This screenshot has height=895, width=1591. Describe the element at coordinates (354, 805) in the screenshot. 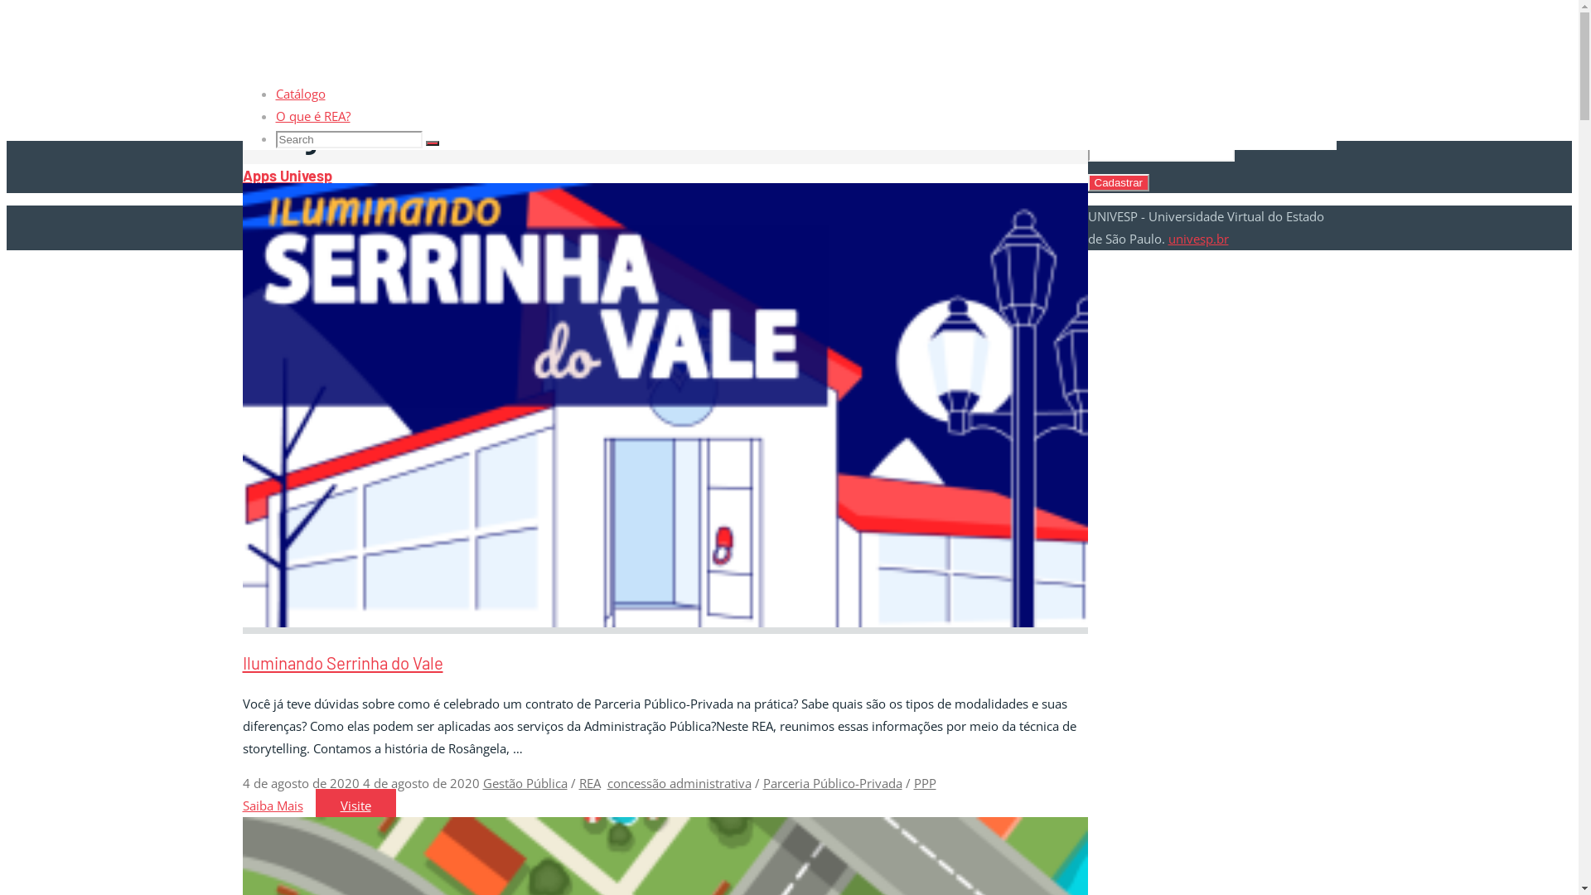

I see `'Visite` at that location.